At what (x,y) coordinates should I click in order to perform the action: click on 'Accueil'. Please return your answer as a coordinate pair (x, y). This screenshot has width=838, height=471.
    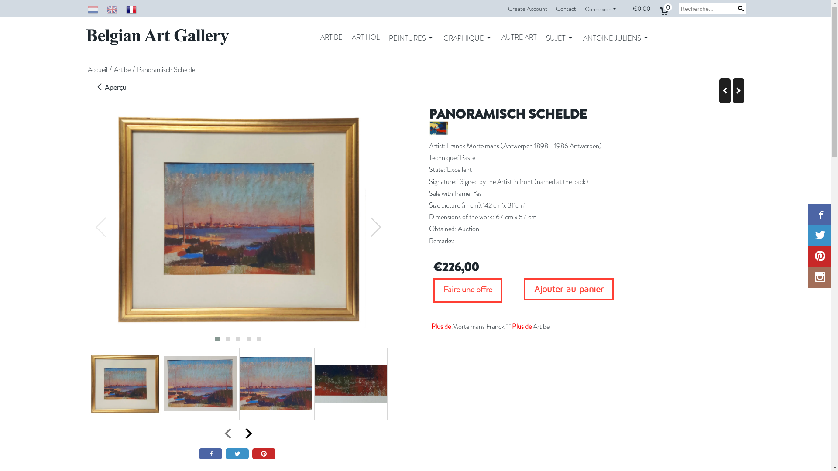
    Looking at the image, I should click on (97, 70).